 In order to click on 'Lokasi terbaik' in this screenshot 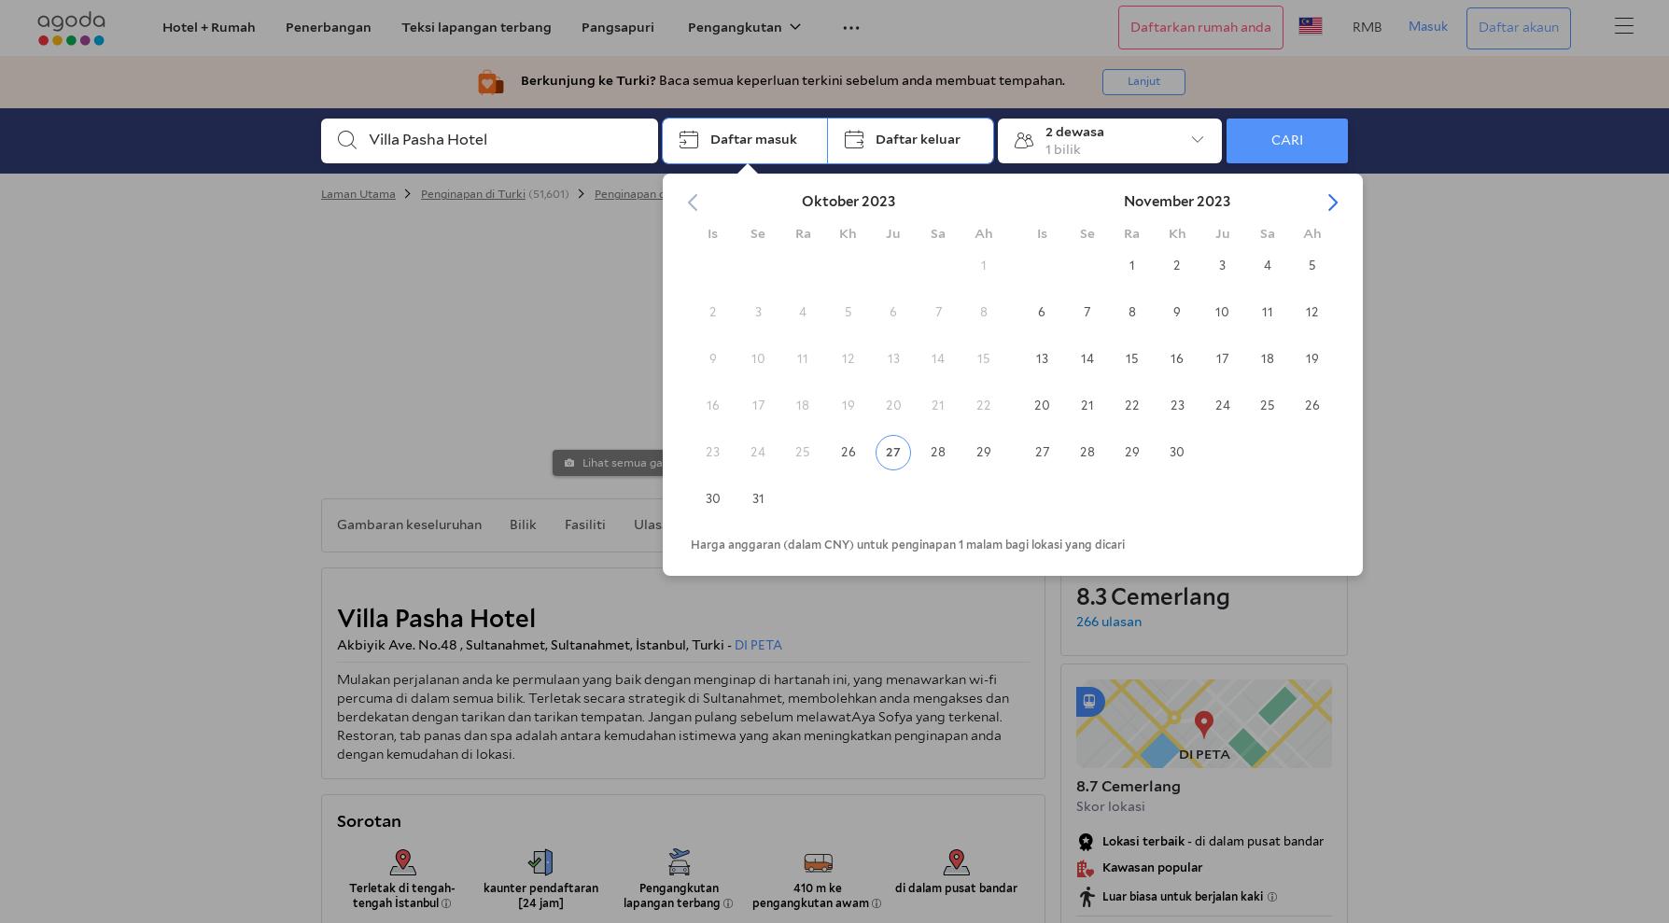, I will do `click(1142, 839)`.